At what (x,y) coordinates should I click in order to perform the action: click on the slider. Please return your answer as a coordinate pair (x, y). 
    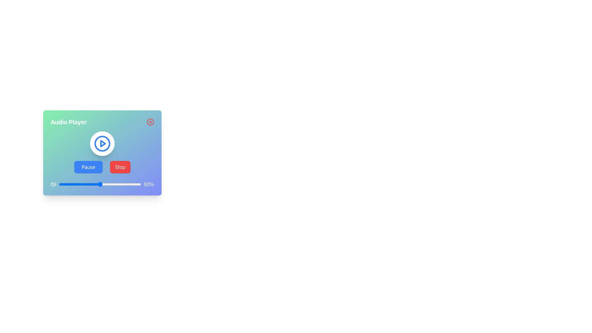
    Looking at the image, I should click on (140, 184).